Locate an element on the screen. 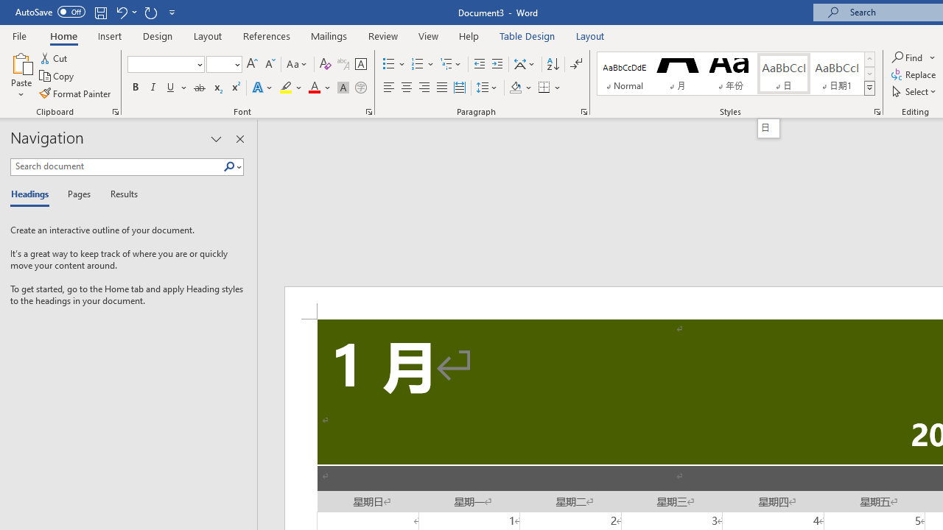 Image resolution: width=943 pixels, height=530 pixels. 'Bullets' is located at coordinates (394, 63).